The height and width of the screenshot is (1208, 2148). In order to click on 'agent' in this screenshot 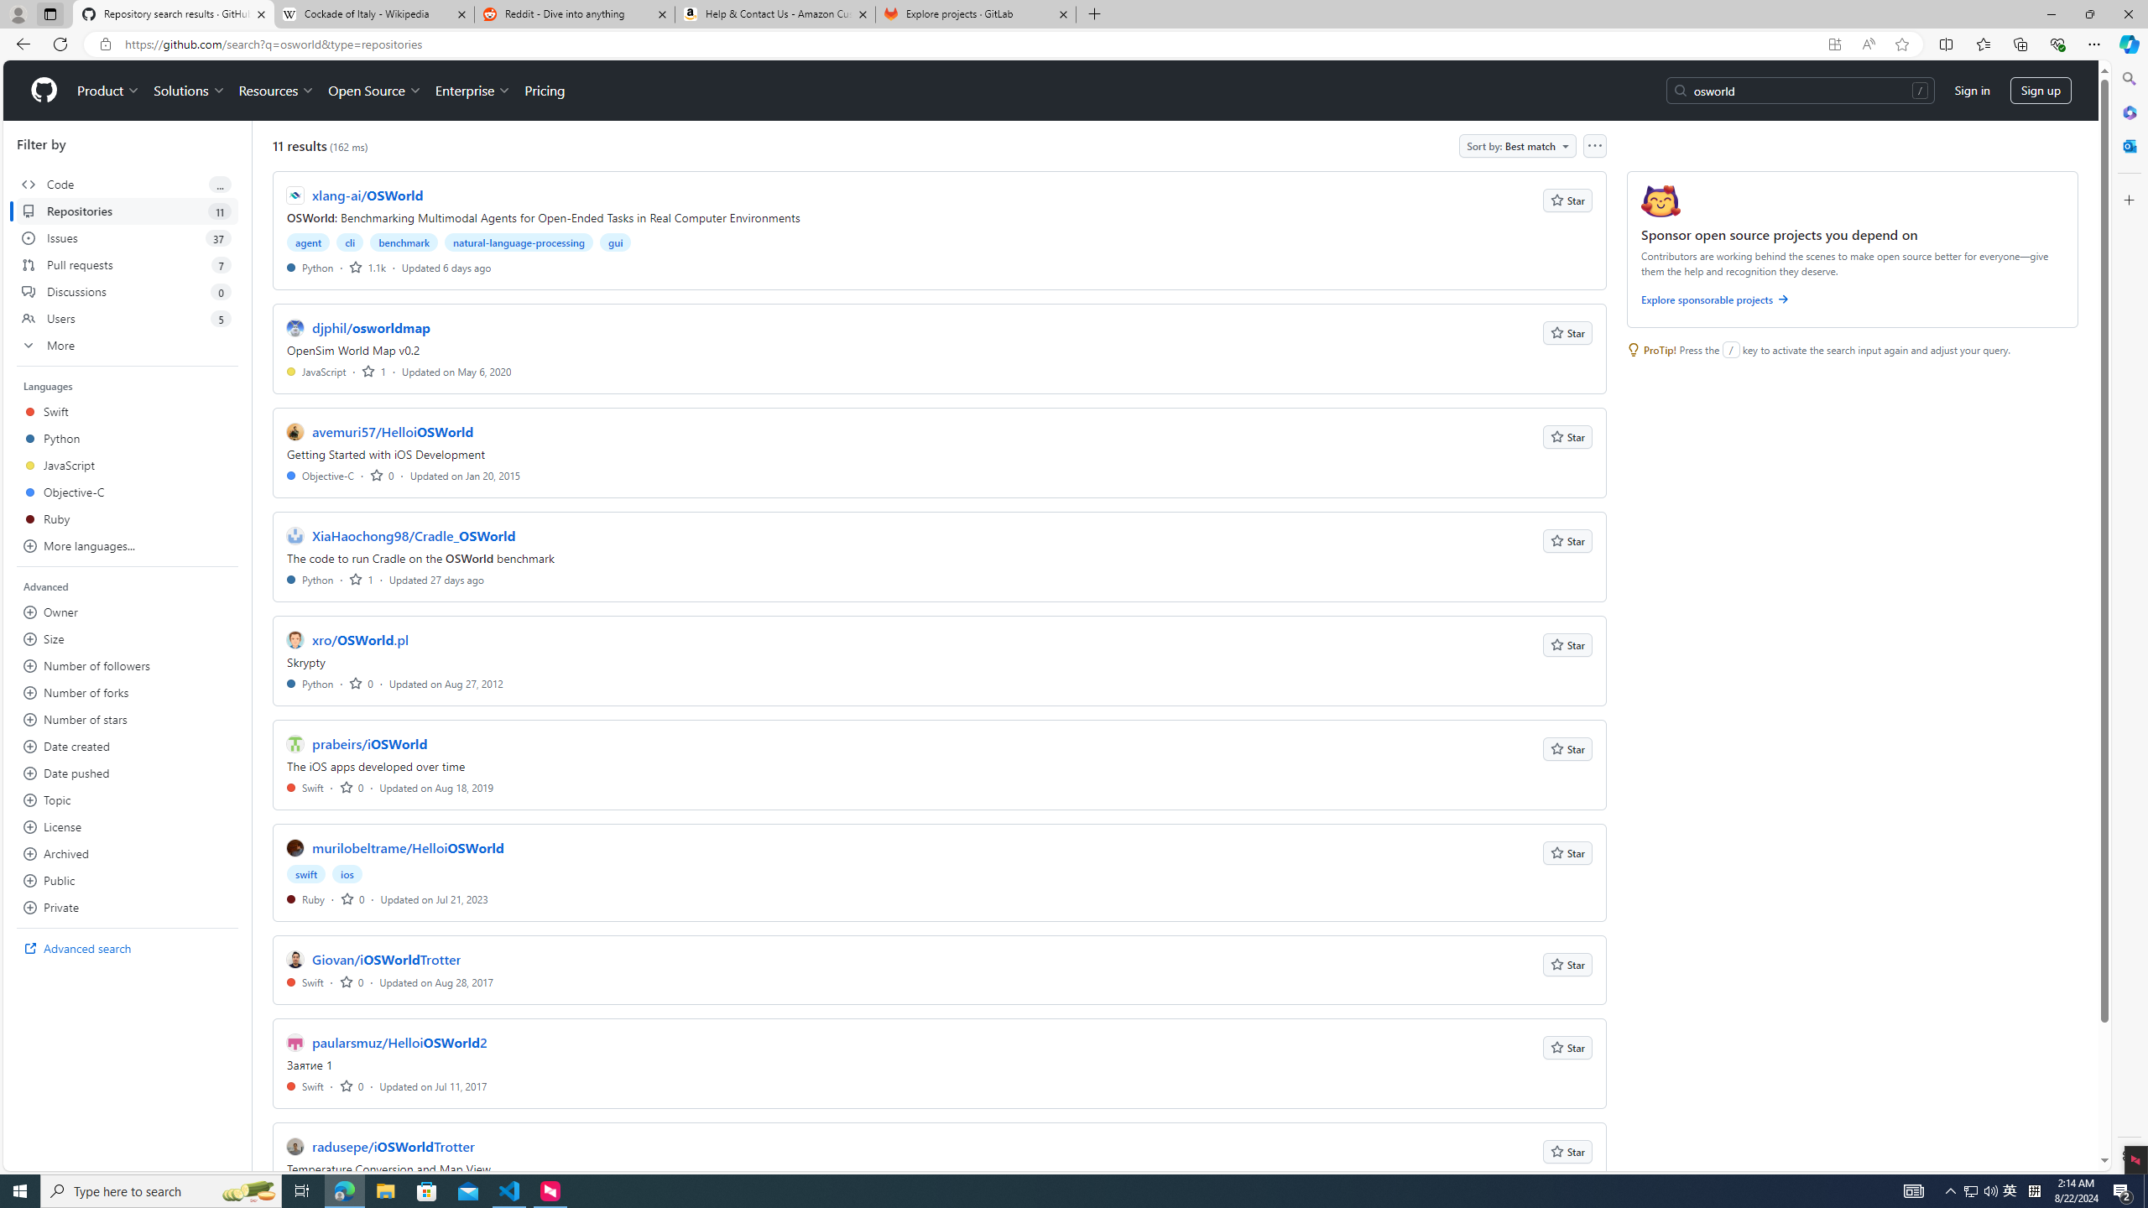, I will do `click(308, 241)`.